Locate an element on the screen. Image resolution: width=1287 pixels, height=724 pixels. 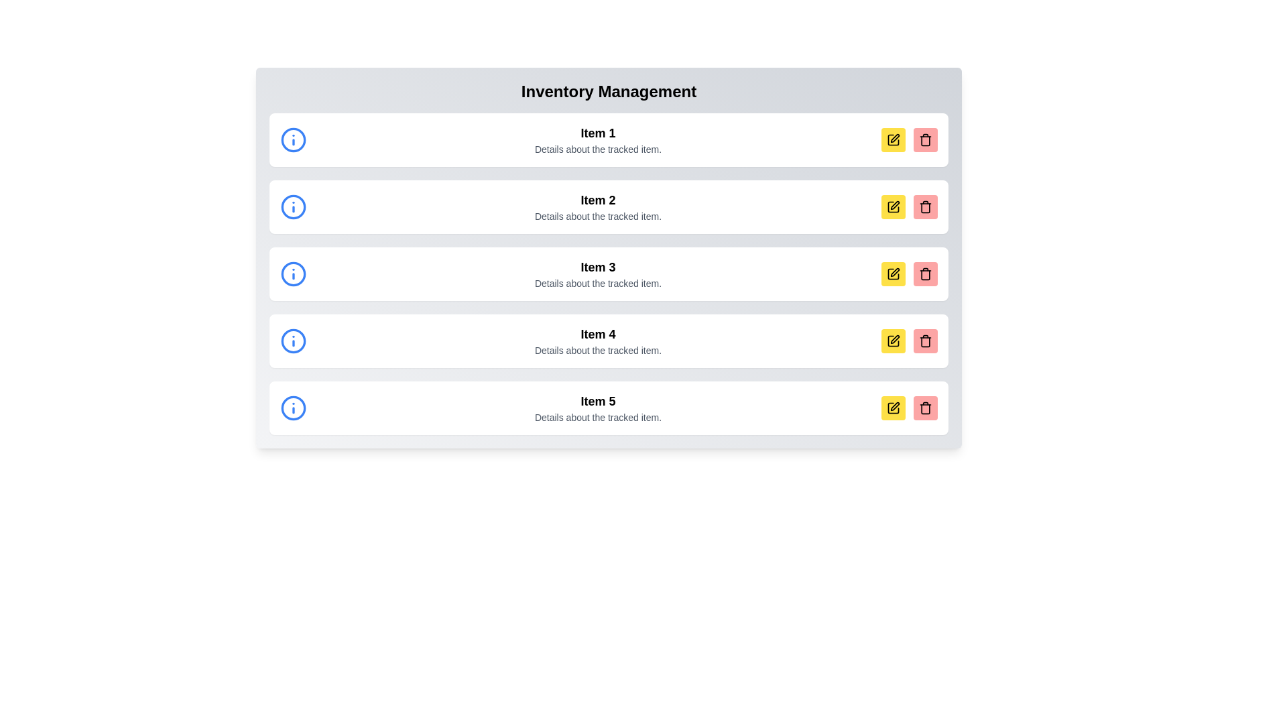
the edit button located in the right-side corner of the row for 'Item 5' is located at coordinates (894, 408).